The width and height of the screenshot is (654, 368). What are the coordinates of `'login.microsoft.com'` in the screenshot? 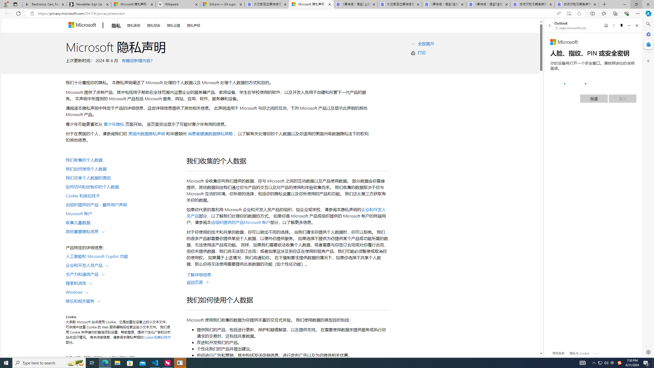 It's located at (571, 28).